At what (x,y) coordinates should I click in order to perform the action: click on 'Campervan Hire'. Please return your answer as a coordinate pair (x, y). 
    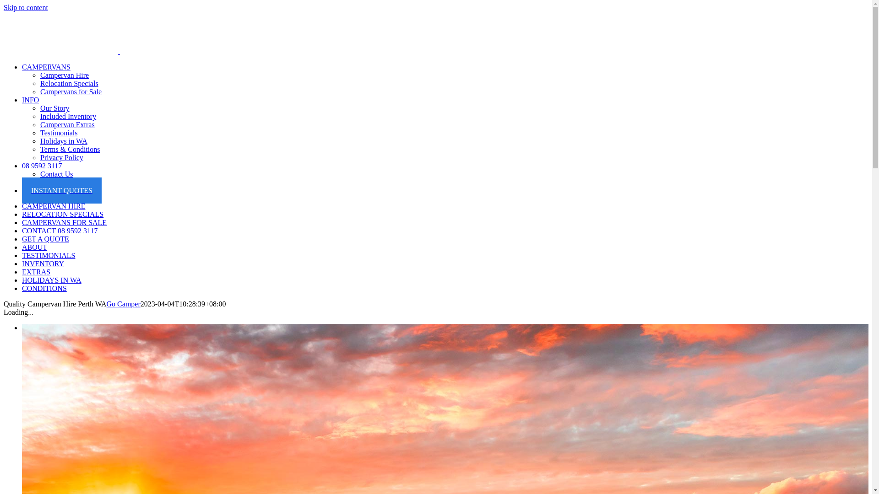
    Looking at the image, I should click on (64, 75).